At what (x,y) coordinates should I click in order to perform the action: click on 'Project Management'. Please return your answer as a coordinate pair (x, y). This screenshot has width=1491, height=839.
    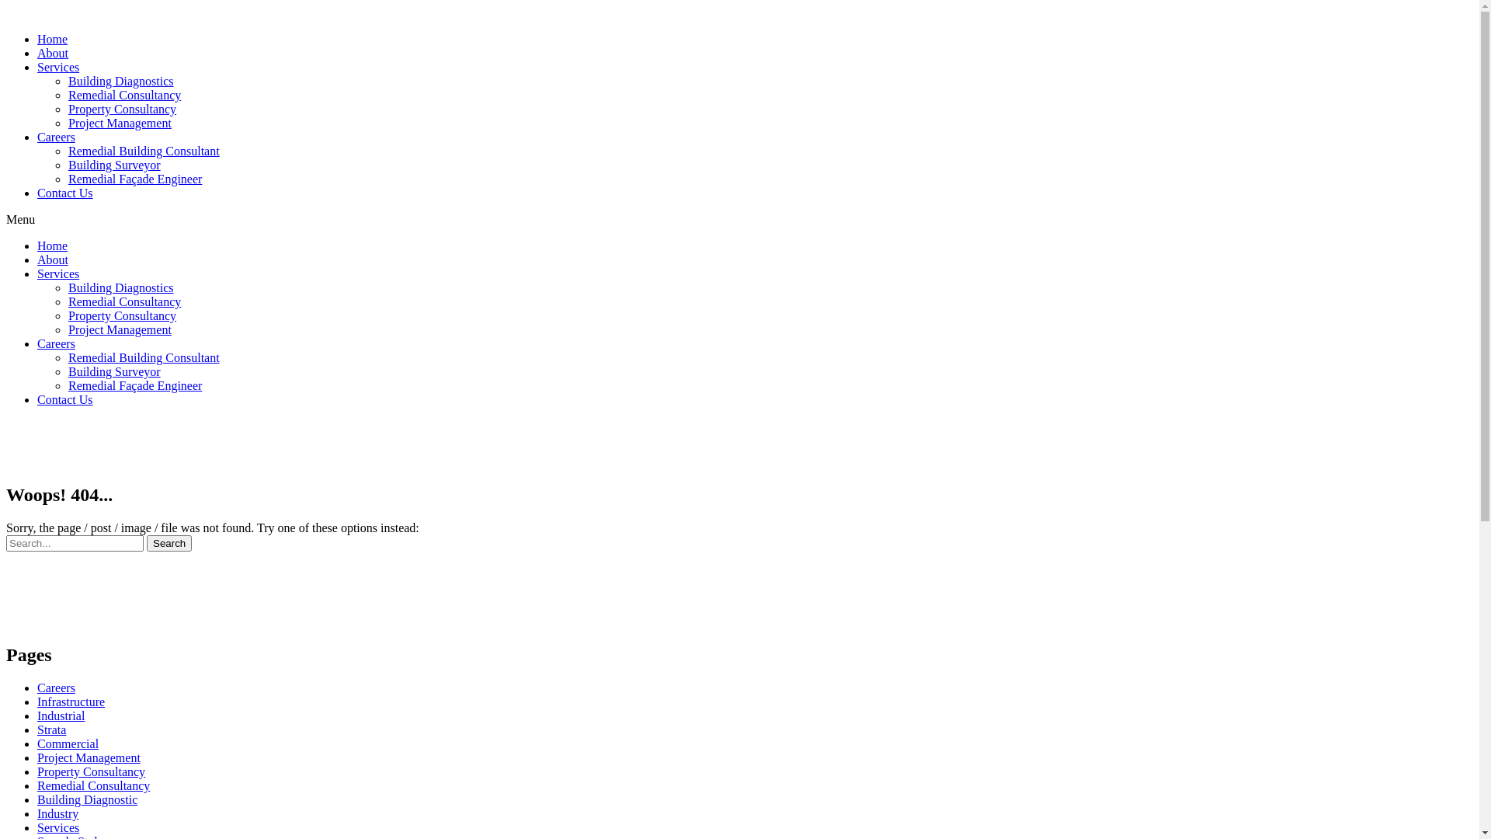
    Looking at the image, I should click on (88, 757).